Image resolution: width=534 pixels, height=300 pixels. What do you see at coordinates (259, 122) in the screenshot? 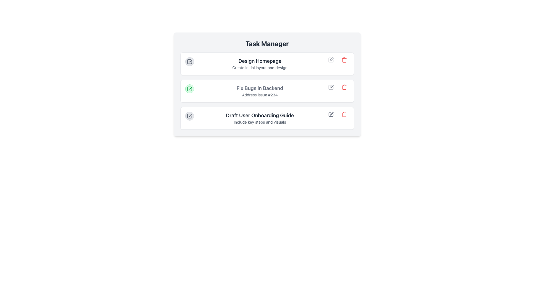
I see `the text label that provides additional context or instructions under the bold header 'Draft User Onboarding Guide' in the third task entry of the task manager interface` at bounding box center [259, 122].